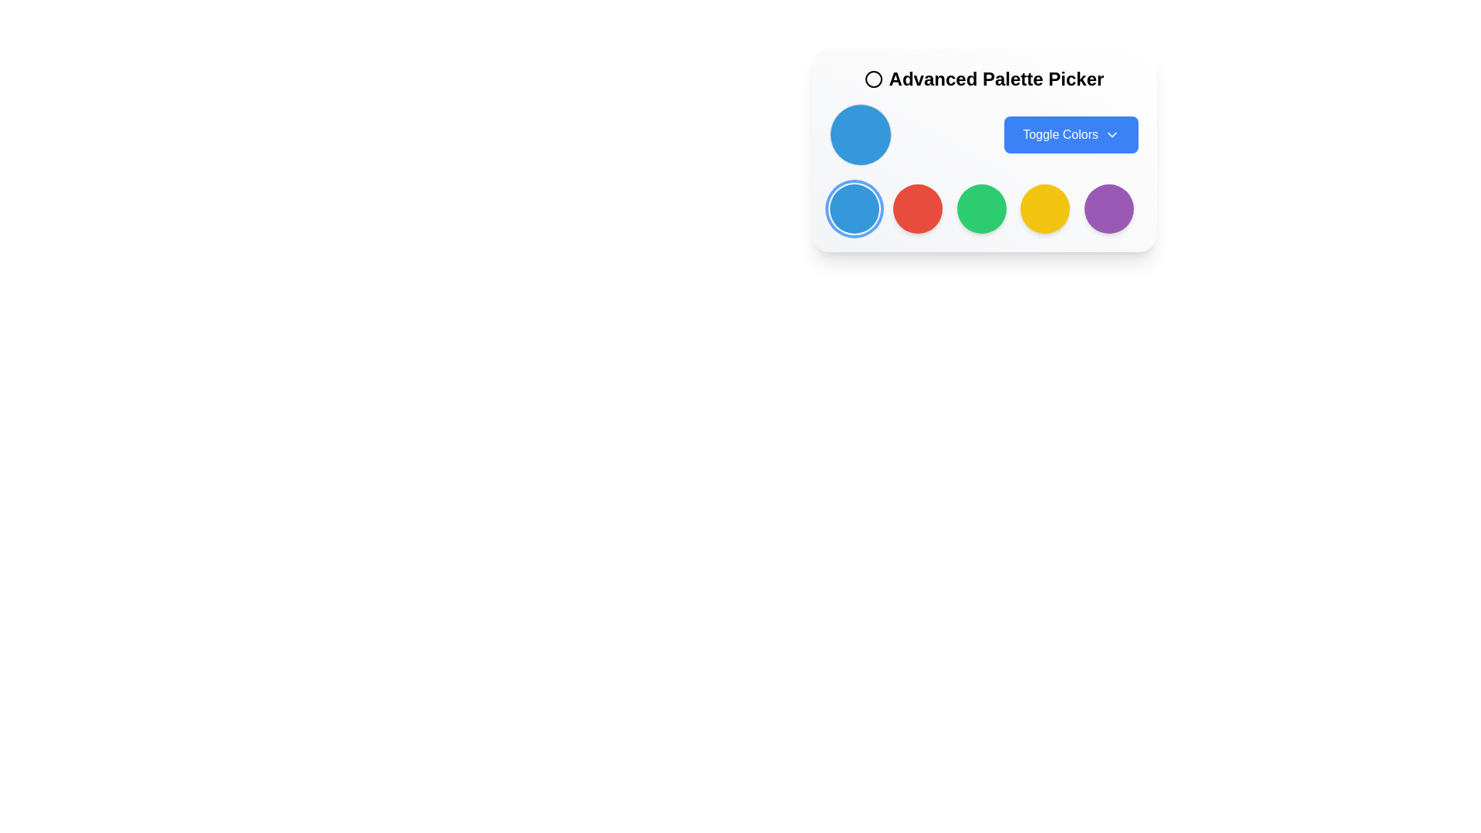 This screenshot has width=1481, height=833. I want to click on the circular icon outlined with a black stroke, located to the left of the 'Advanced Palette Picker' text, so click(873, 79).